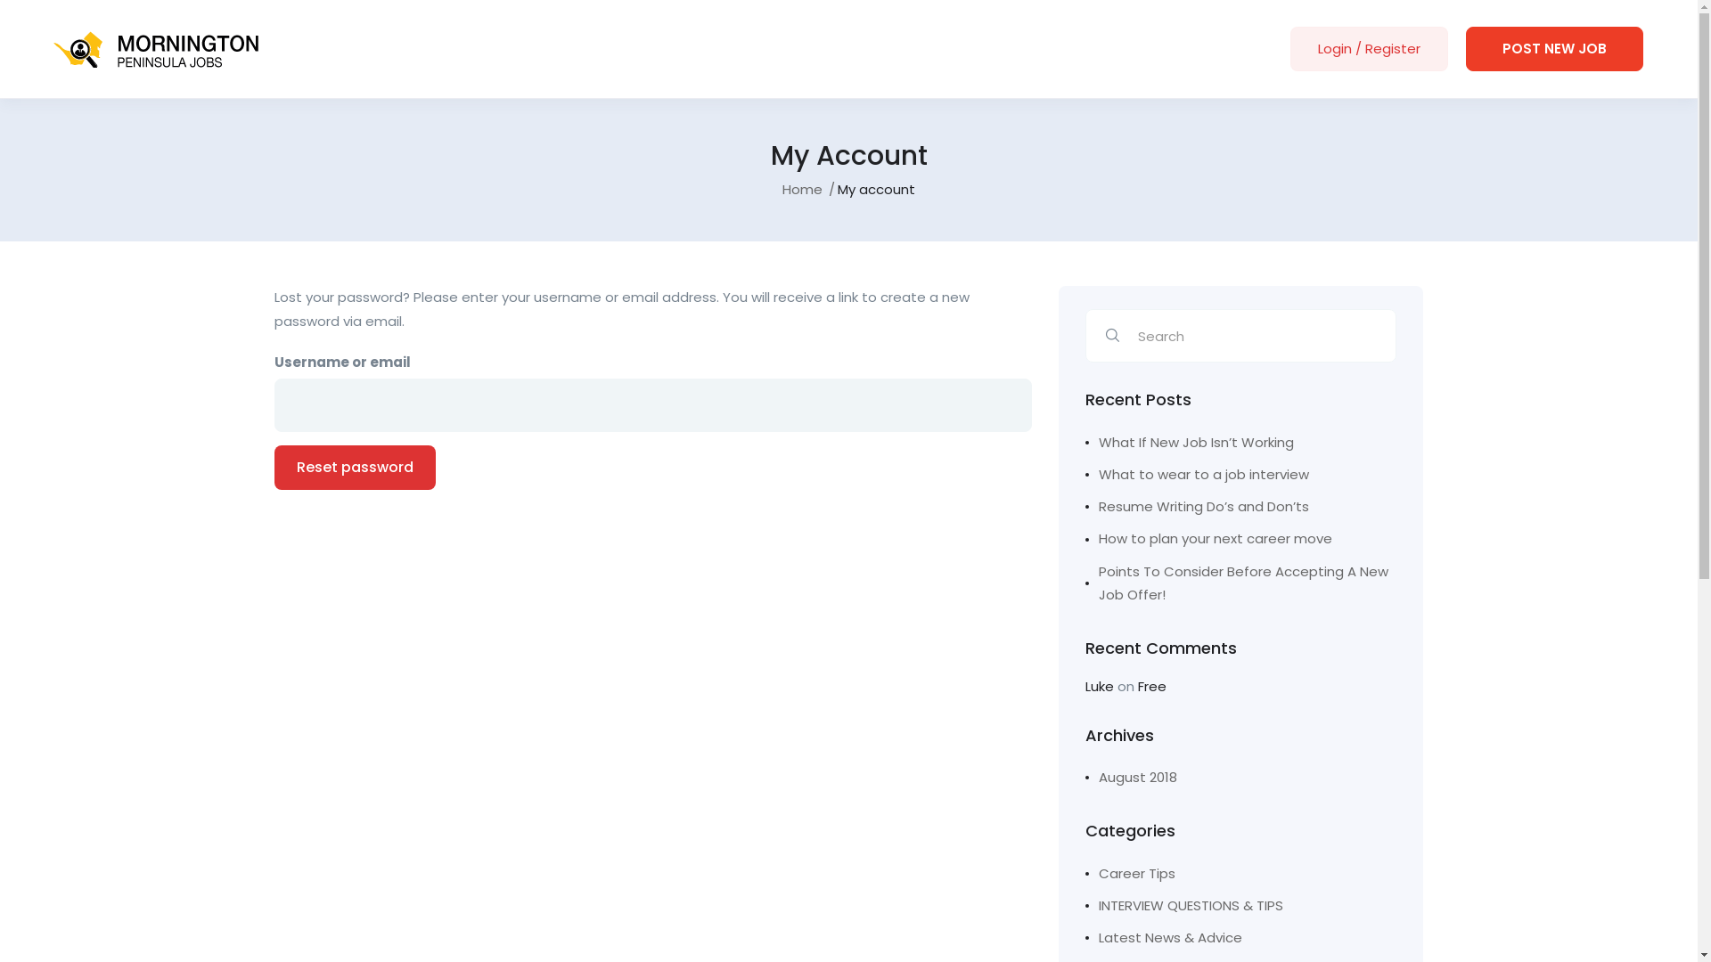  Describe the element at coordinates (1129, 872) in the screenshot. I see `'Career Tips'` at that location.